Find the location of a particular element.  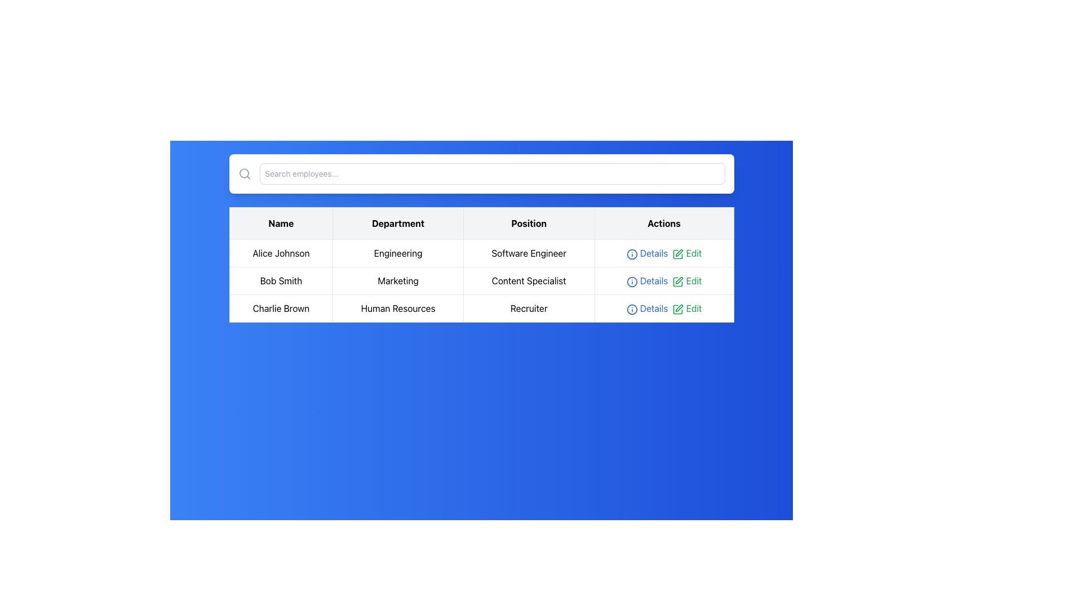

the 'Engineering' text element located in the second column of the first row in the table, which displays department information for 'Alice Johnson' is located at coordinates (398, 253).